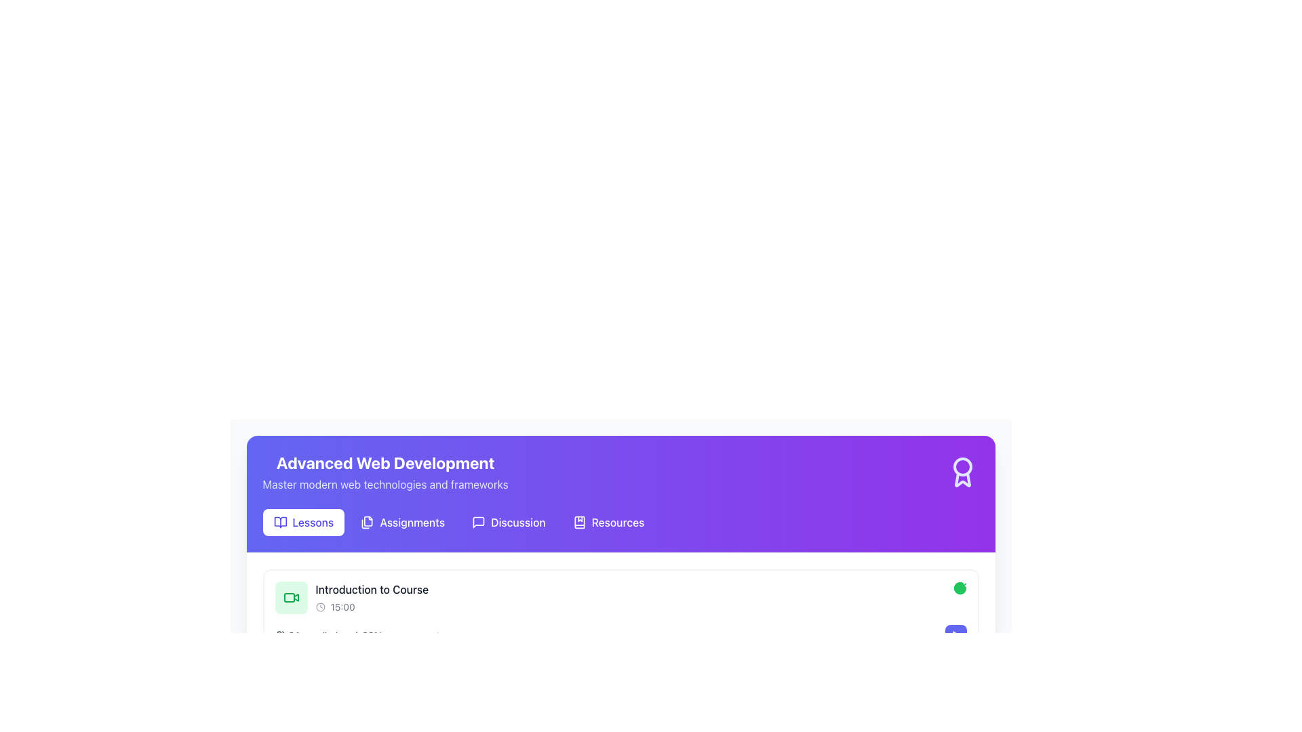  What do you see at coordinates (479, 522) in the screenshot?
I see `the 'Discussion' icon in the navigation bar, which visually represents the access point for the Discussion section located at the top of the content` at bounding box center [479, 522].